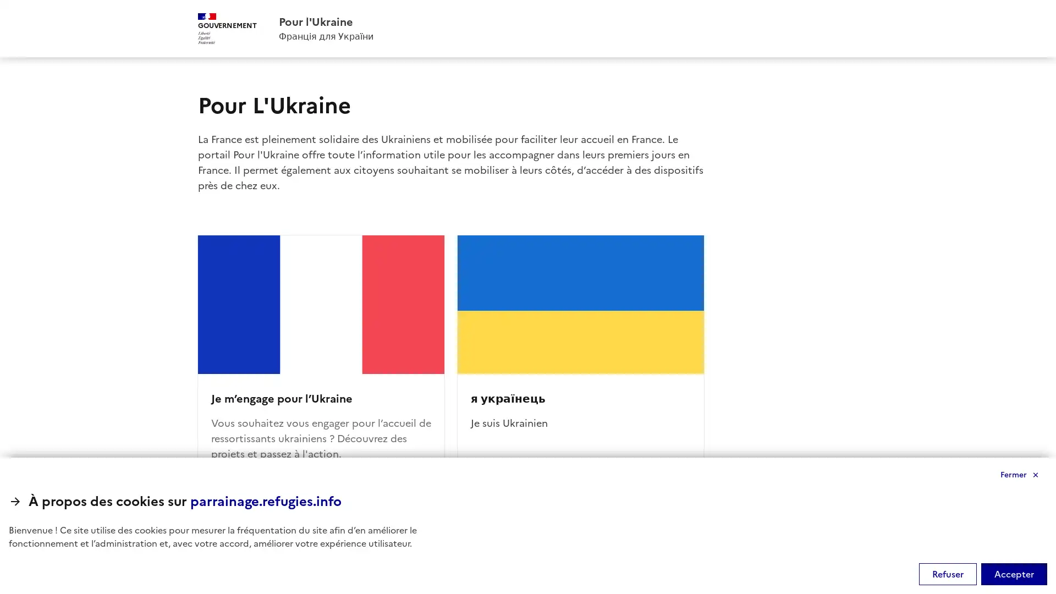 This screenshot has height=594, width=1056. Describe the element at coordinates (947, 574) in the screenshot. I see `Refuser` at that location.